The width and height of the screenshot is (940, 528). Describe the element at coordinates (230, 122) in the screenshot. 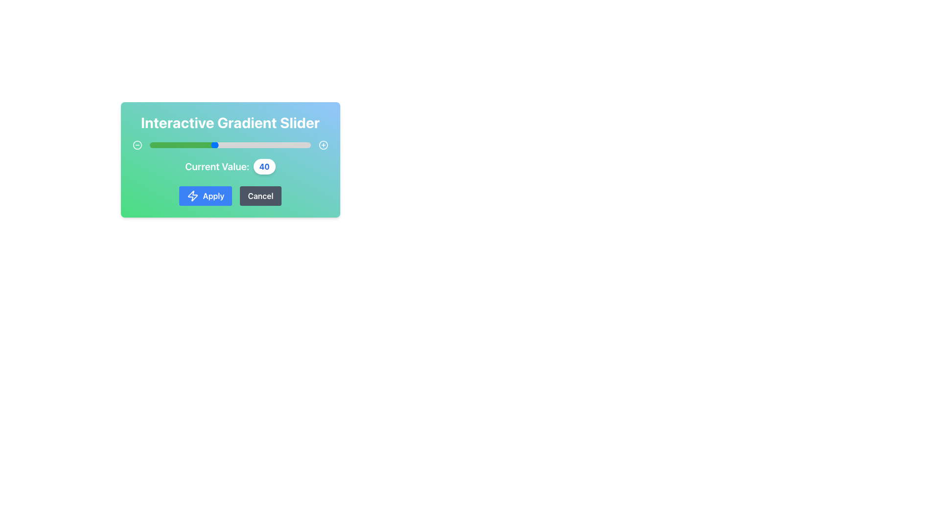

I see `the header text label that serves as the title for the associated components within the rounded rectangular card` at that location.